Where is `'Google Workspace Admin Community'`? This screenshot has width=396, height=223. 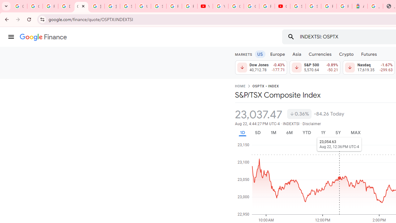
'Google Workspace Admin Community' is located at coordinates (19, 6).